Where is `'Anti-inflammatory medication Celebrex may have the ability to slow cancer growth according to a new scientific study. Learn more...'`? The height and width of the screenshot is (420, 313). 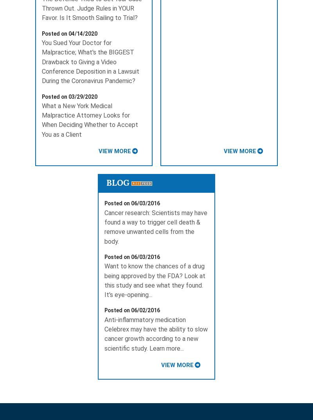 'Anti-inflammatory medication Celebrex may have the ability to slow cancer growth according to a new scientific study. Learn more...' is located at coordinates (155, 333).